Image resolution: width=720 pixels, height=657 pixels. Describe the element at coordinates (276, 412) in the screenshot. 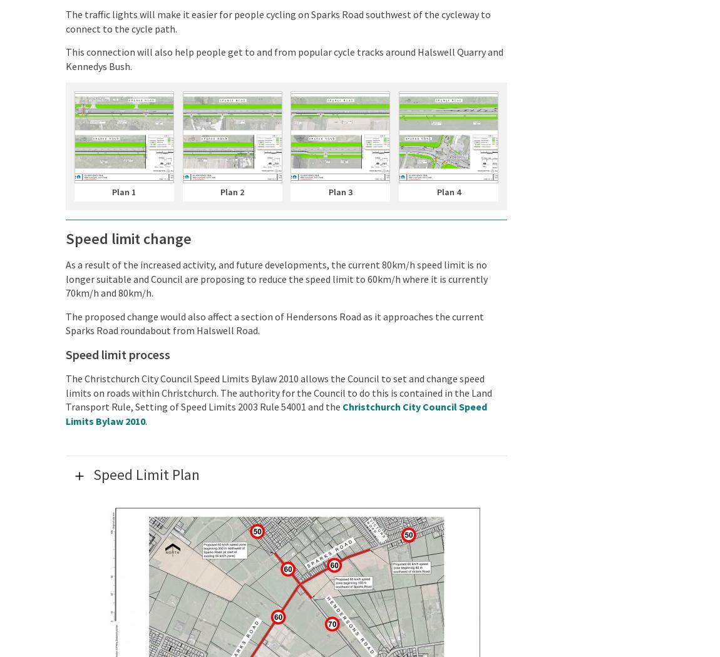

I see `'Christchurch City Council Speed Limits Bylaw 2010'` at that location.